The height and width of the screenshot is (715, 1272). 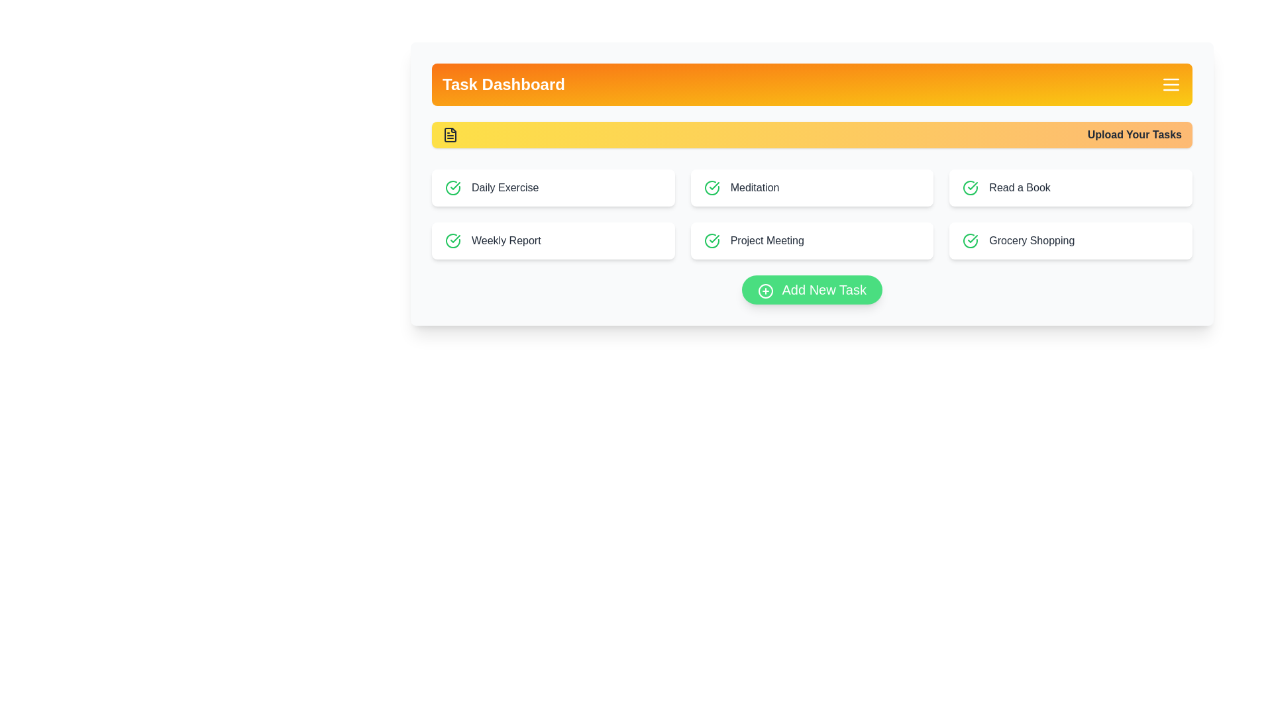 What do you see at coordinates (553, 240) in the screenshot?
I see `the task 'Weekly Report' from the task list` at bounding box center [553, 240].